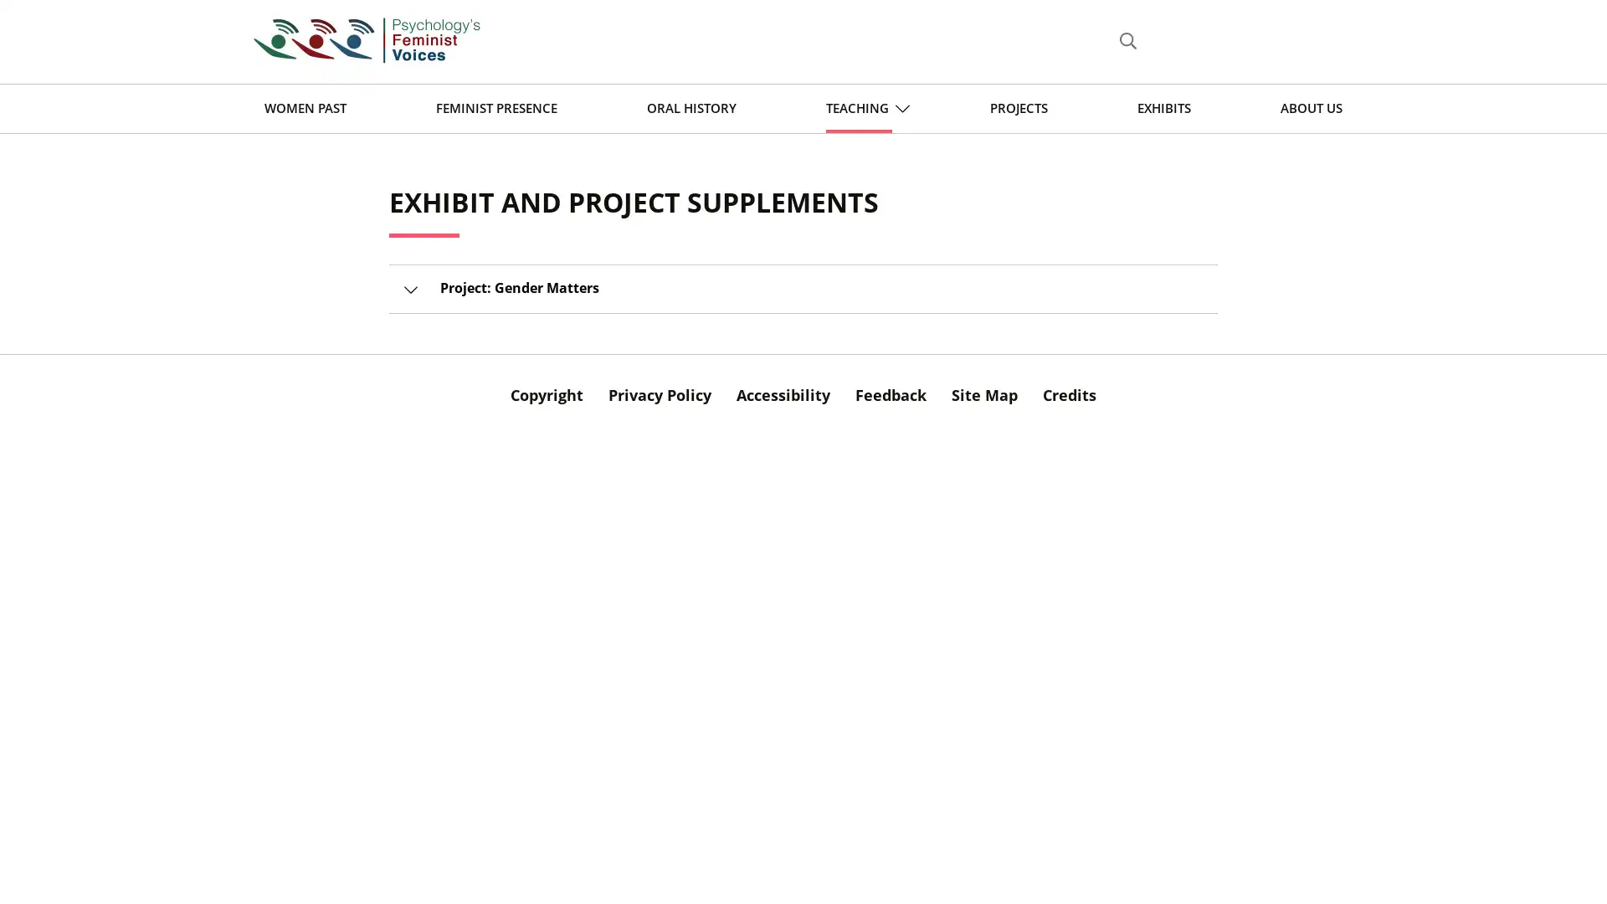 The width and height of the screenshot is (1607, 904). I want to click on Project: Gender Matters, so click(803, 288).